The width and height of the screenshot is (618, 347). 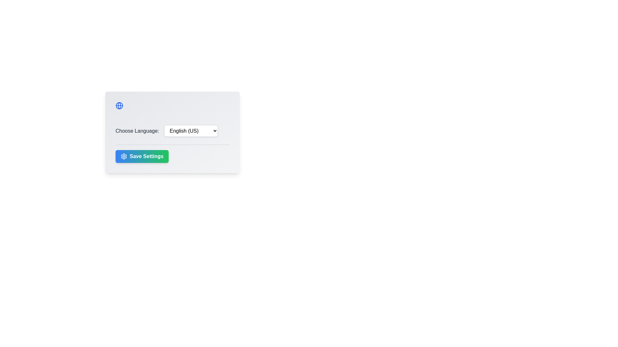 What do you see at coordinates (124, 156) in the screenshot?
I see `the gear icon located within the 'Save Settings' button at the bottom of the card interface` at bounding box center [124, 156].